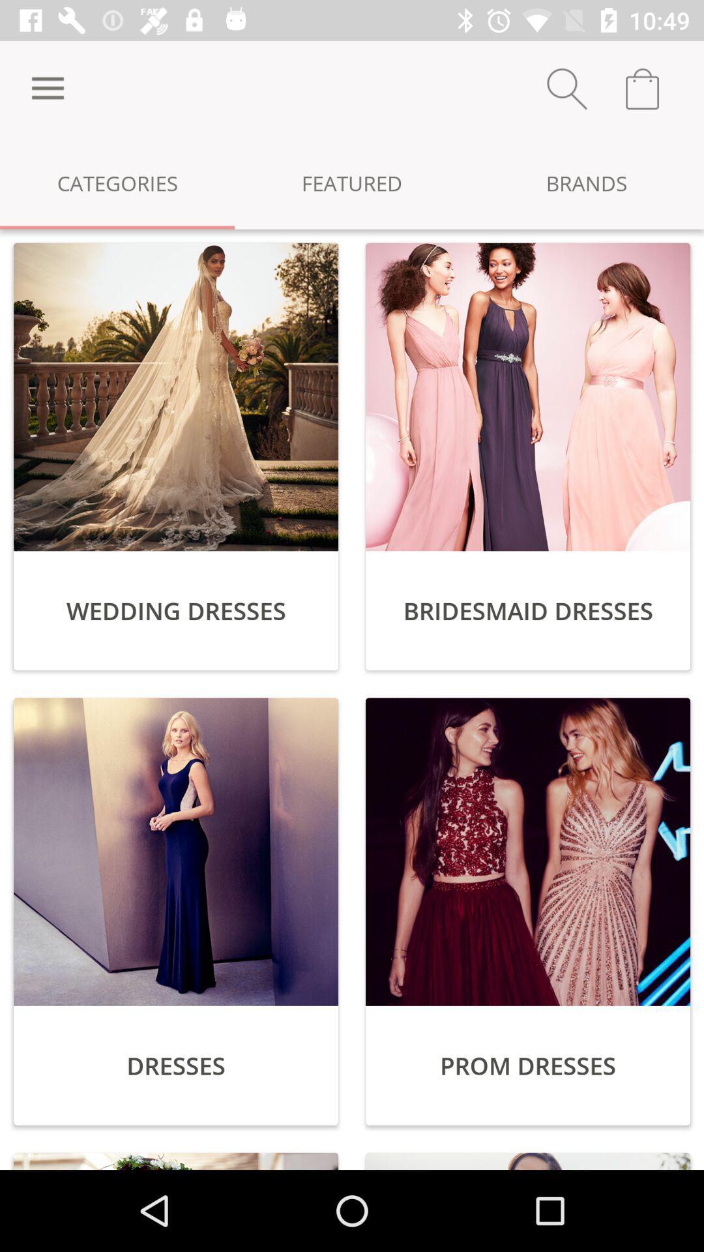  Describe the element at coordinates (585, 182) in the screenshot. I see `the item to the right of the featured` at that location.